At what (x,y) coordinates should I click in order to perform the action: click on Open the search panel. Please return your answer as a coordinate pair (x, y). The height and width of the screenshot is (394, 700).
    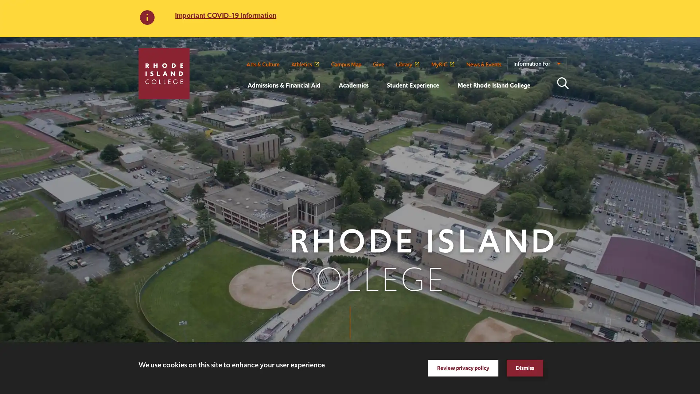
    Looking at the image, I should click on (563, 82).